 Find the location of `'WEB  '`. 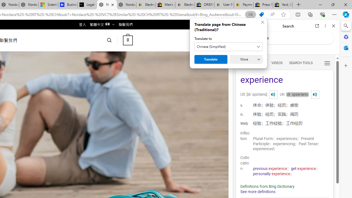

'WEB  ' is located at coordinates (242, 62).